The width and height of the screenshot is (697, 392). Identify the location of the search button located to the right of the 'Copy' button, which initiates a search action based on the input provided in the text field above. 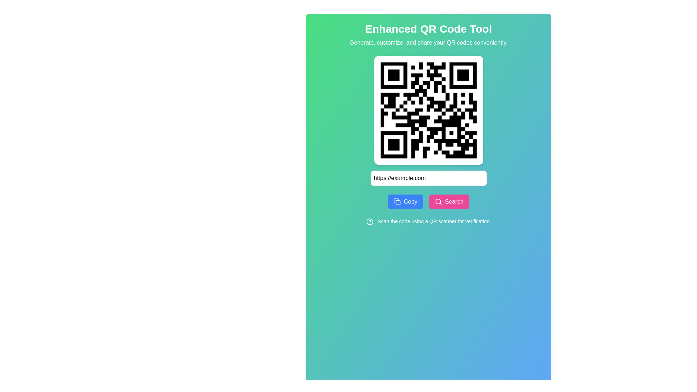
(449, 201).